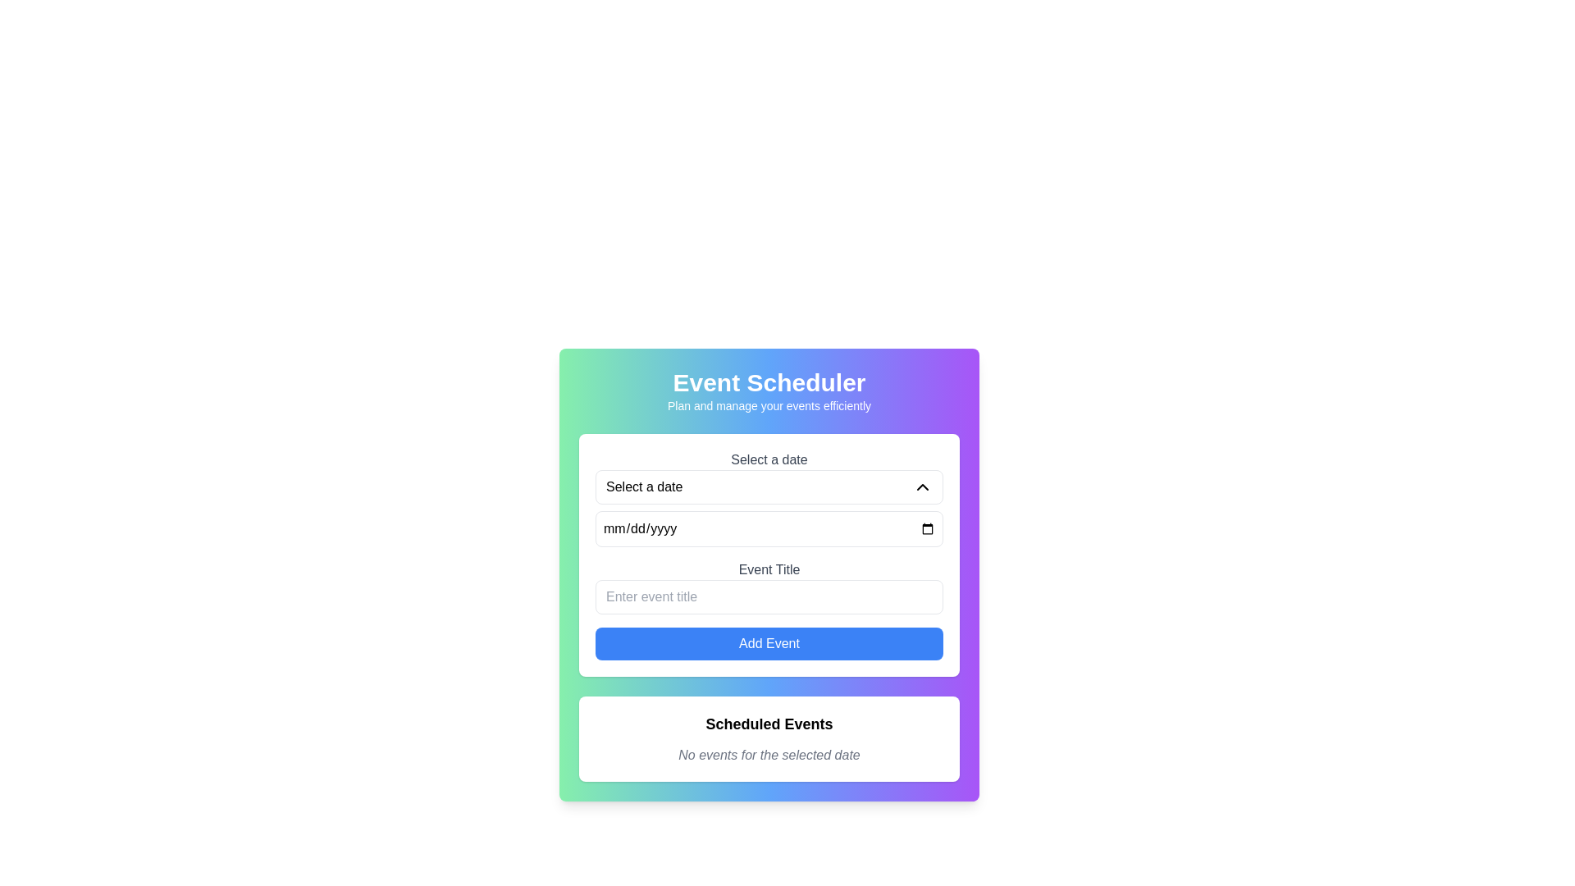  Describe the element at coordinates (768, 405) in the screenshot. I see `static text label that reads 'Plan and manage your events efficiently', which is located directly beneath the 'Event Scheduler' header` at that location.